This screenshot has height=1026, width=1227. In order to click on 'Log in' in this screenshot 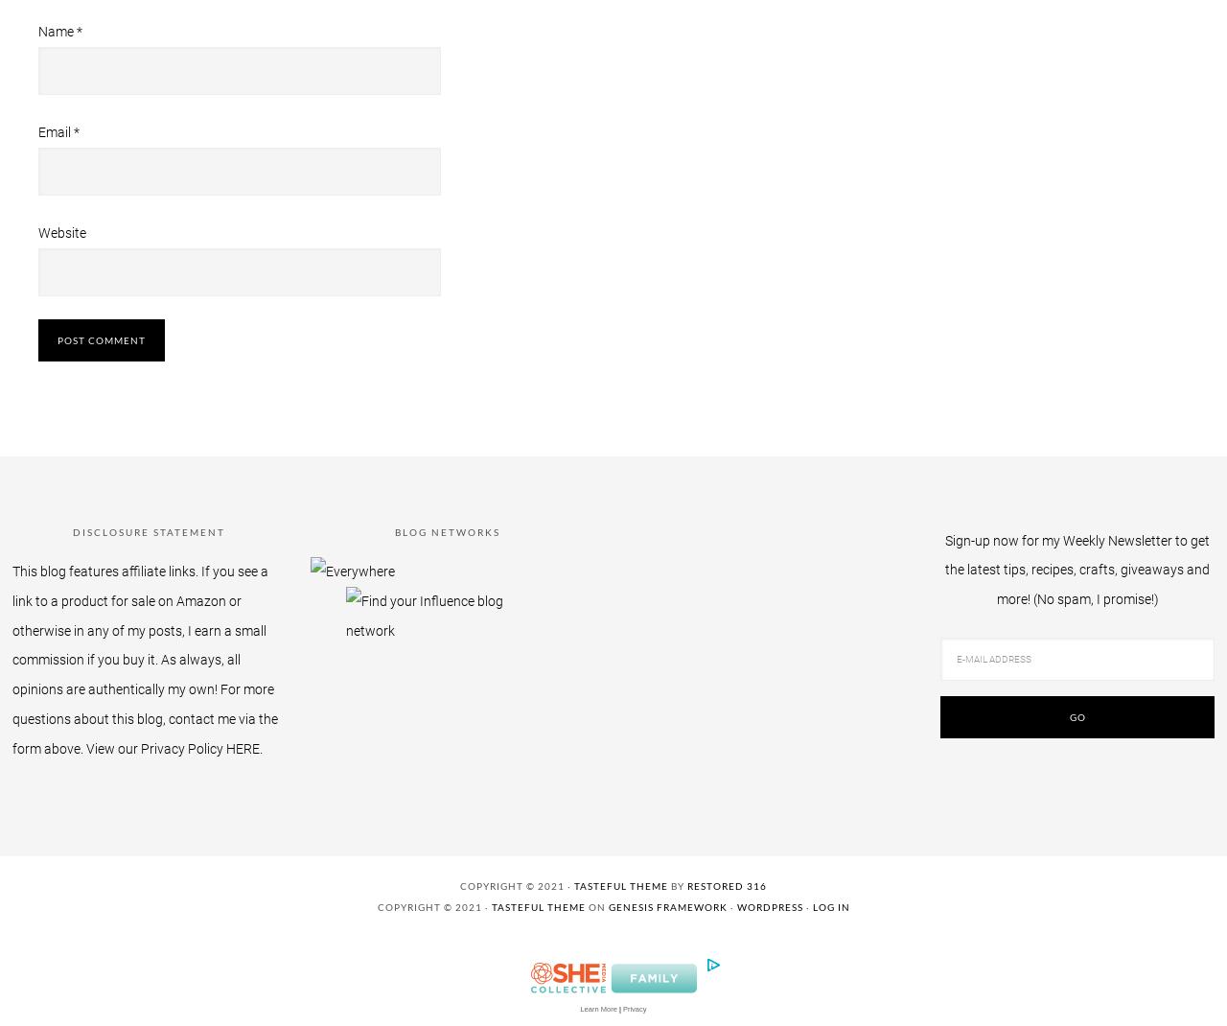, I will do `click(811, 905)`.